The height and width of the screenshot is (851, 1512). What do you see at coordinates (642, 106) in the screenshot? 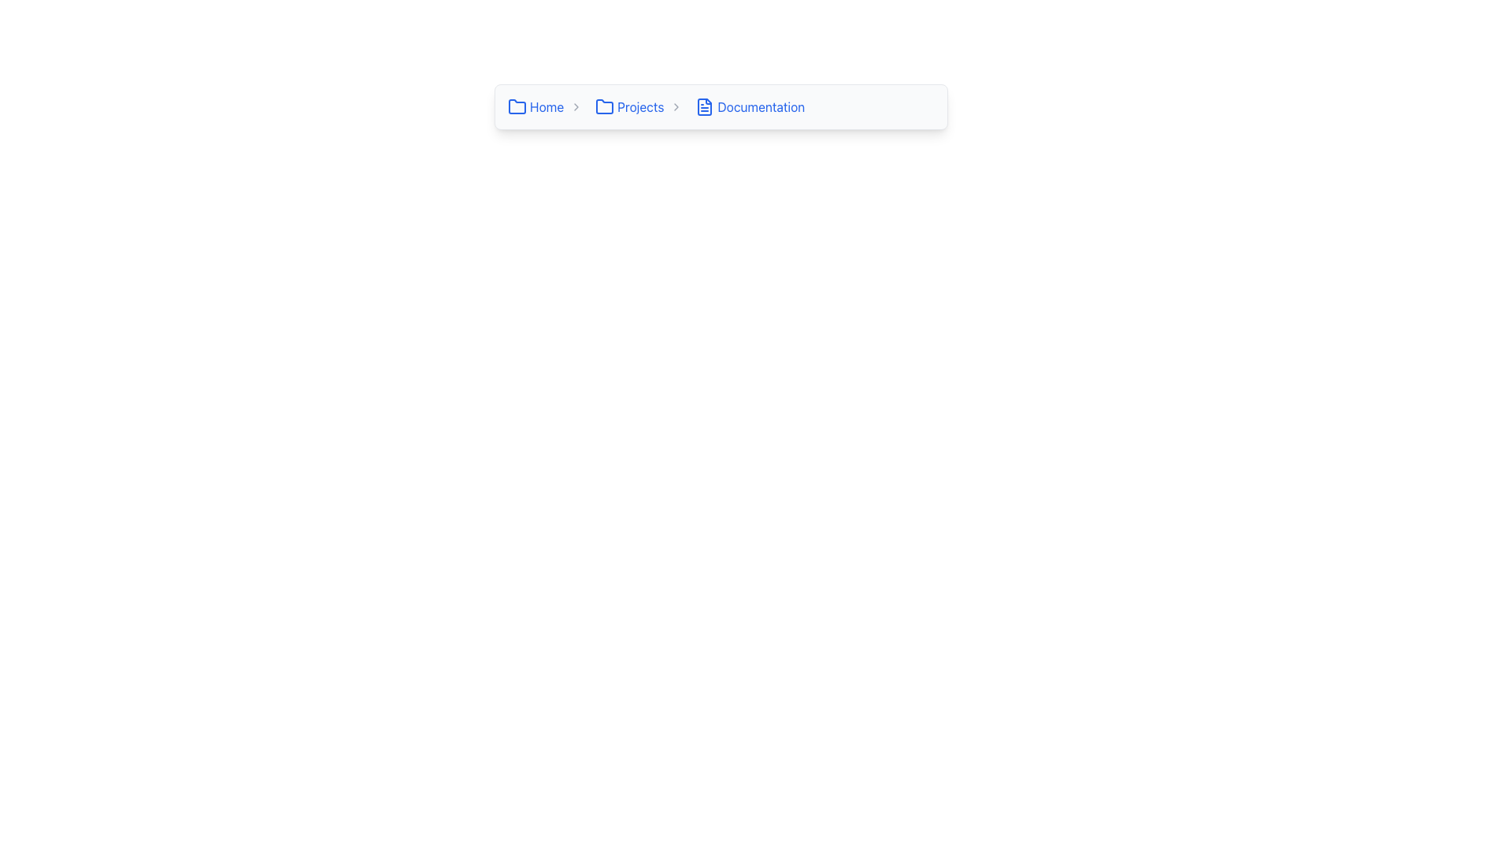
I see `the second clickable item in the breadcrumb navigation bar` at bounding box center [642, 106].